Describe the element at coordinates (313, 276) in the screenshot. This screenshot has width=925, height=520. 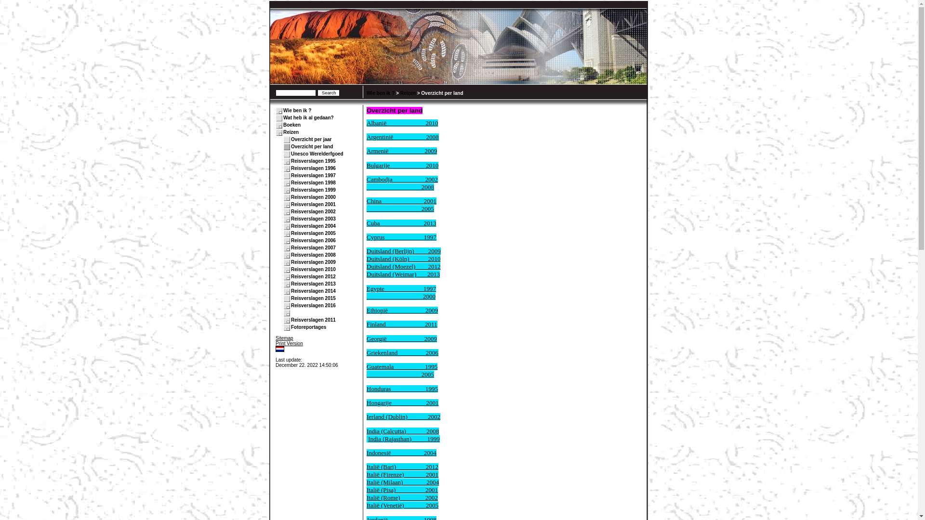
I see `'Reisverslagen 2012'` at that location.